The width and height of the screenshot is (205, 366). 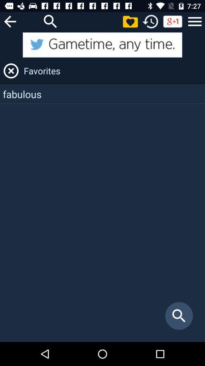 What do you see at coordinates (150, 21) in the screenshot?
I see `refresh page option` at bounding box center [150, 21].